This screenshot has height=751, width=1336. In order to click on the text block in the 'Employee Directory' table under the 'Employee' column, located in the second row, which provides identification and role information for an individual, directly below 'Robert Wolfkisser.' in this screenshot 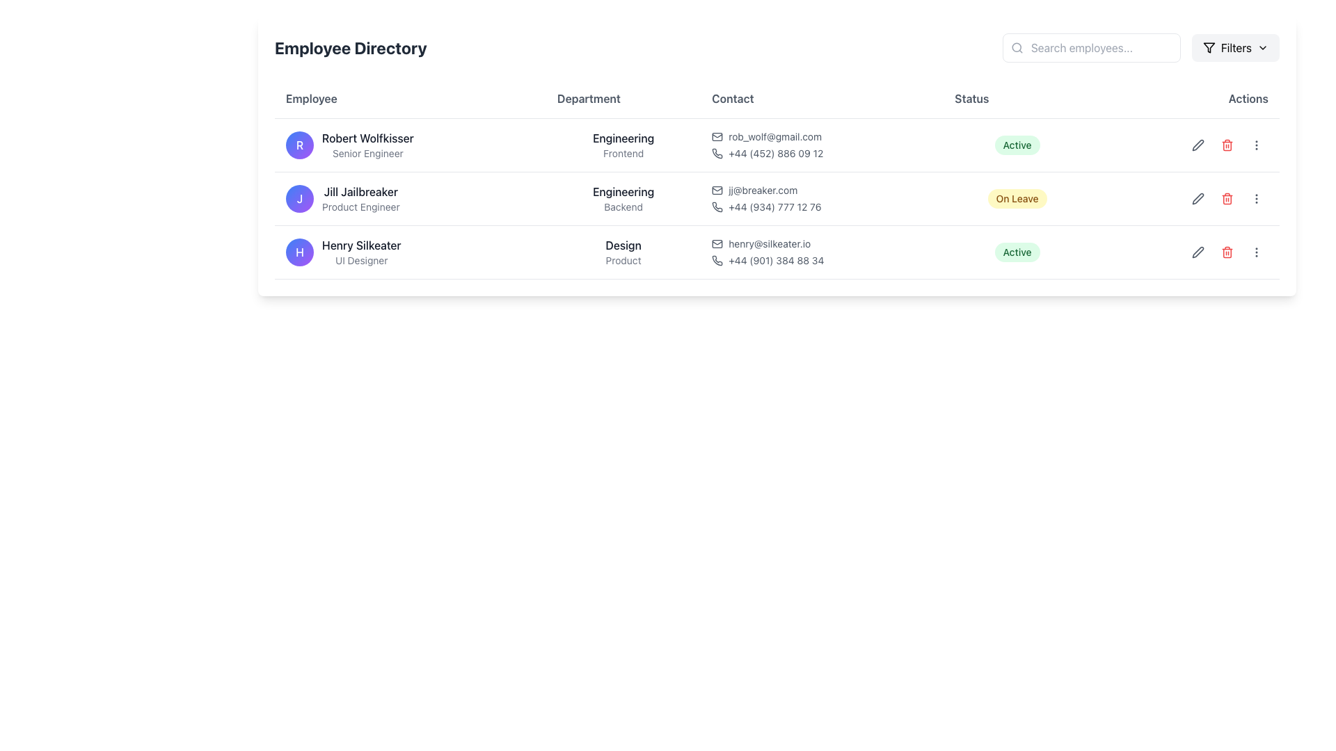, I will do `click(360, 198)`.